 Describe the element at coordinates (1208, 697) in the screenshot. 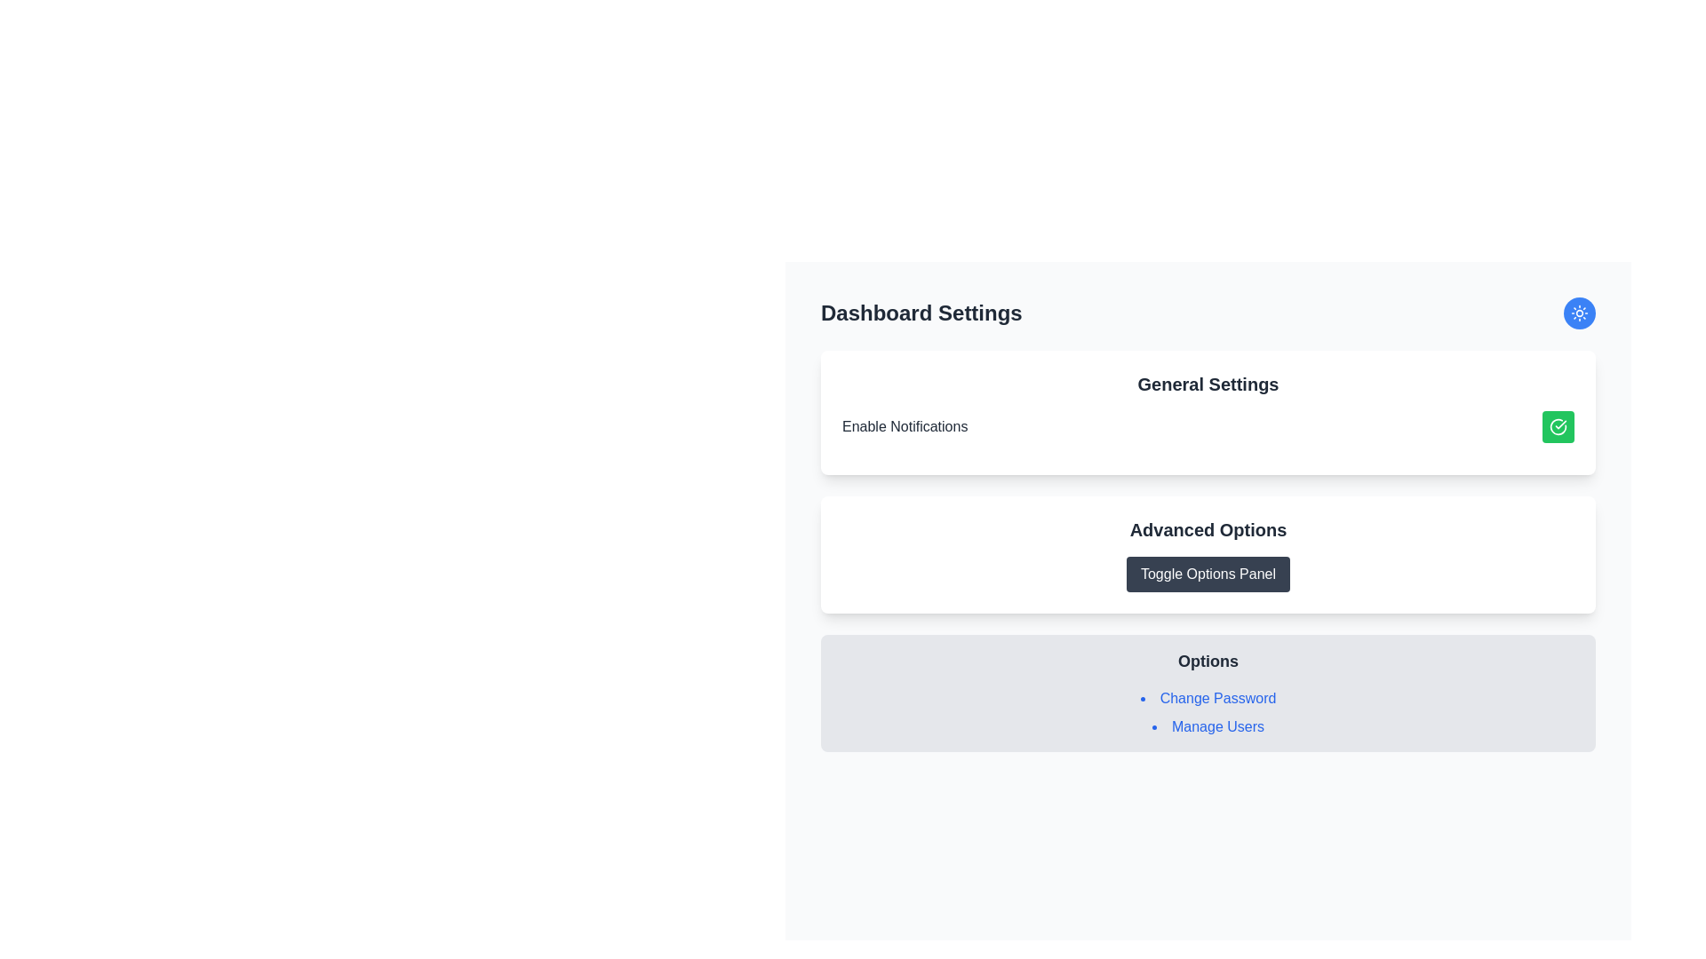

I see `the 'Change Password' text link, which is styled in blue and positioned as the first item in the 'Options' section` at that location.